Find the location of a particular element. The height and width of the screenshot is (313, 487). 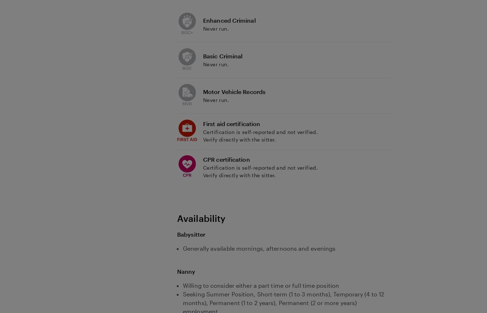

'Babysitter' is located at coordinates (176, 234).